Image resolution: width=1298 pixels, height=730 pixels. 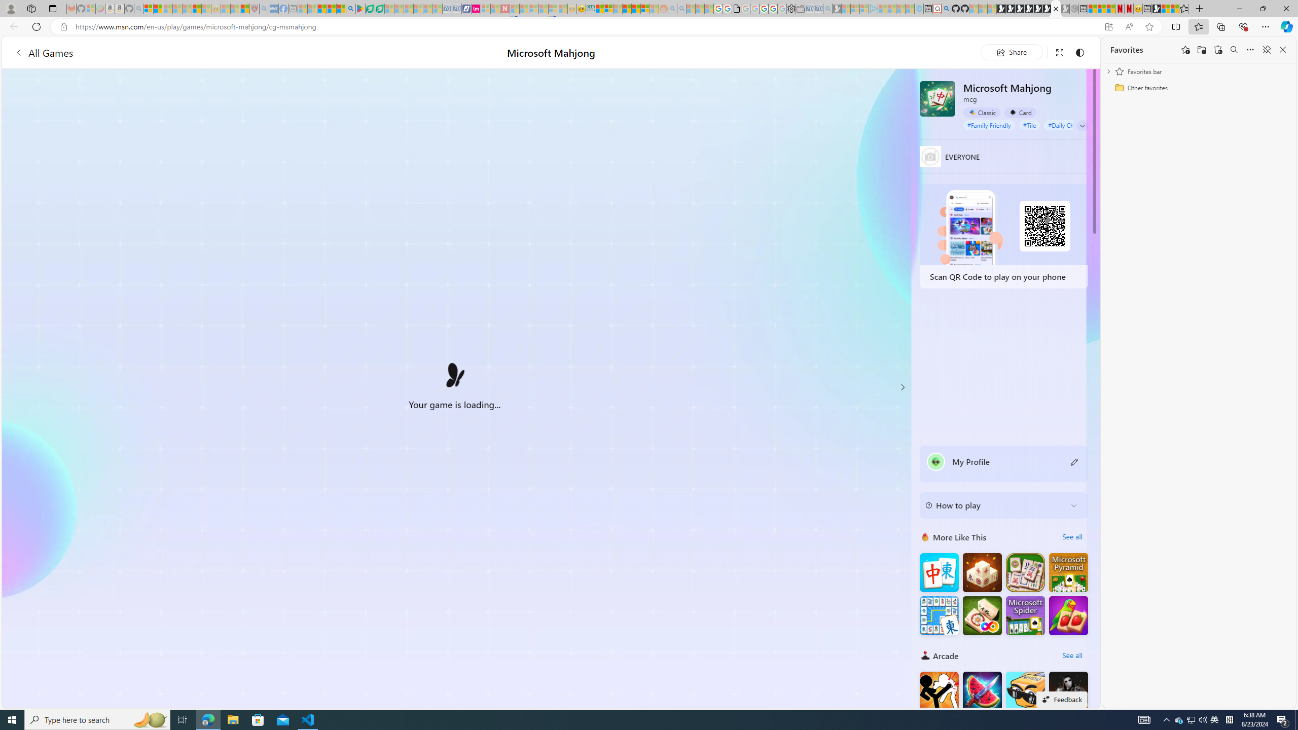 I want to click on 'Change to dark mode', so click(x=1079, y=52).